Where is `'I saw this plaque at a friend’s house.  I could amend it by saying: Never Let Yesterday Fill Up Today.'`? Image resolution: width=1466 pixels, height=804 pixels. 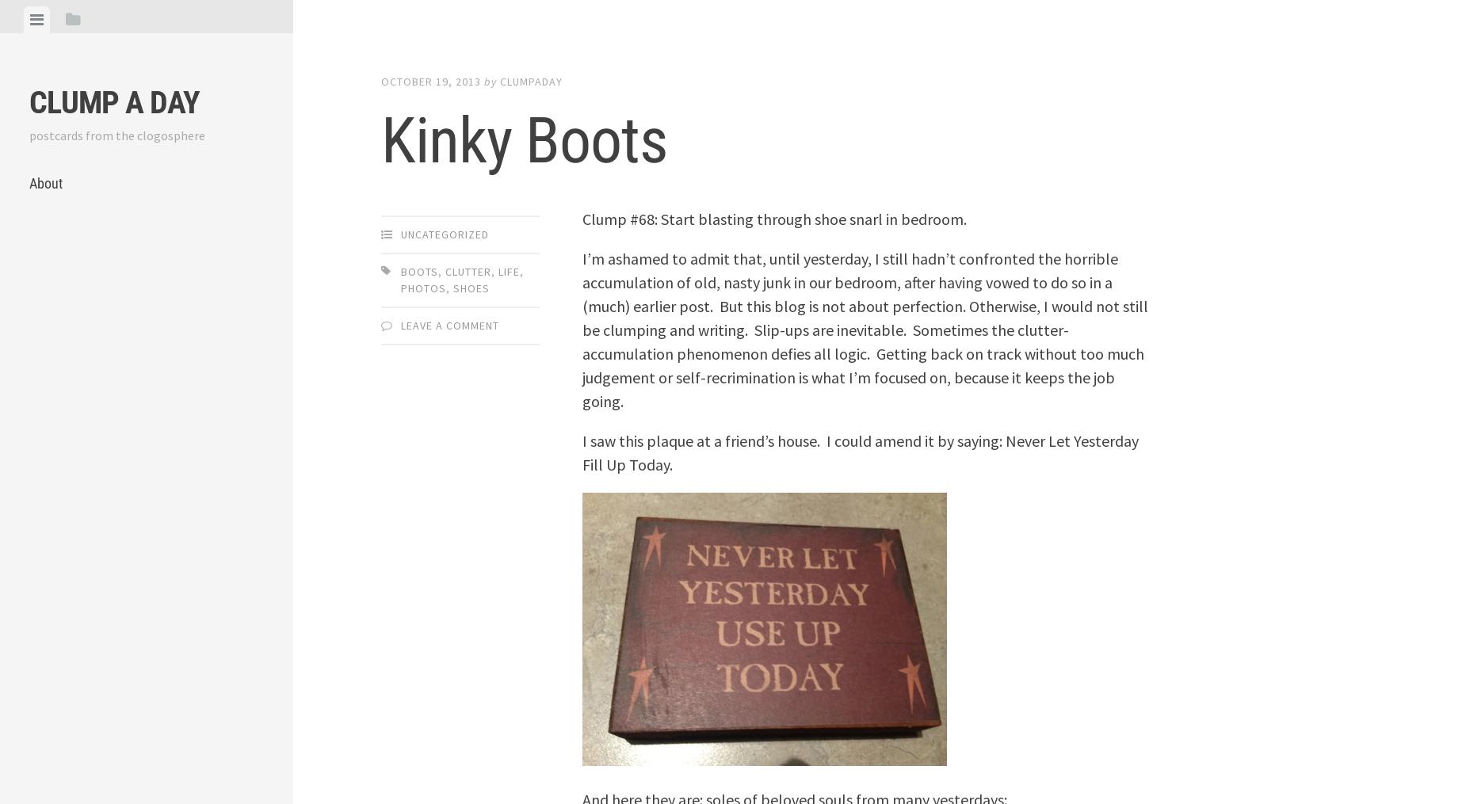
'I saw this plaque at a friend’s house.  I could amend it by saying: Never Let Yesterday Fill Up Today.' is located at coordinates (859, 452).